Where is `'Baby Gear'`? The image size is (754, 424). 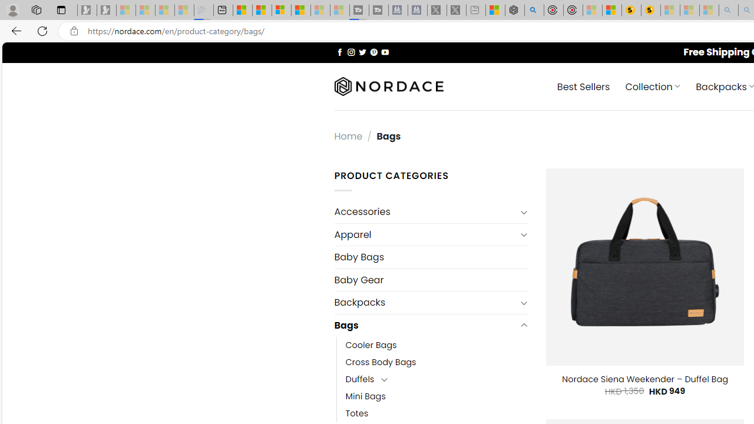 'Baby Gear' is located at coordinates (431, 280).